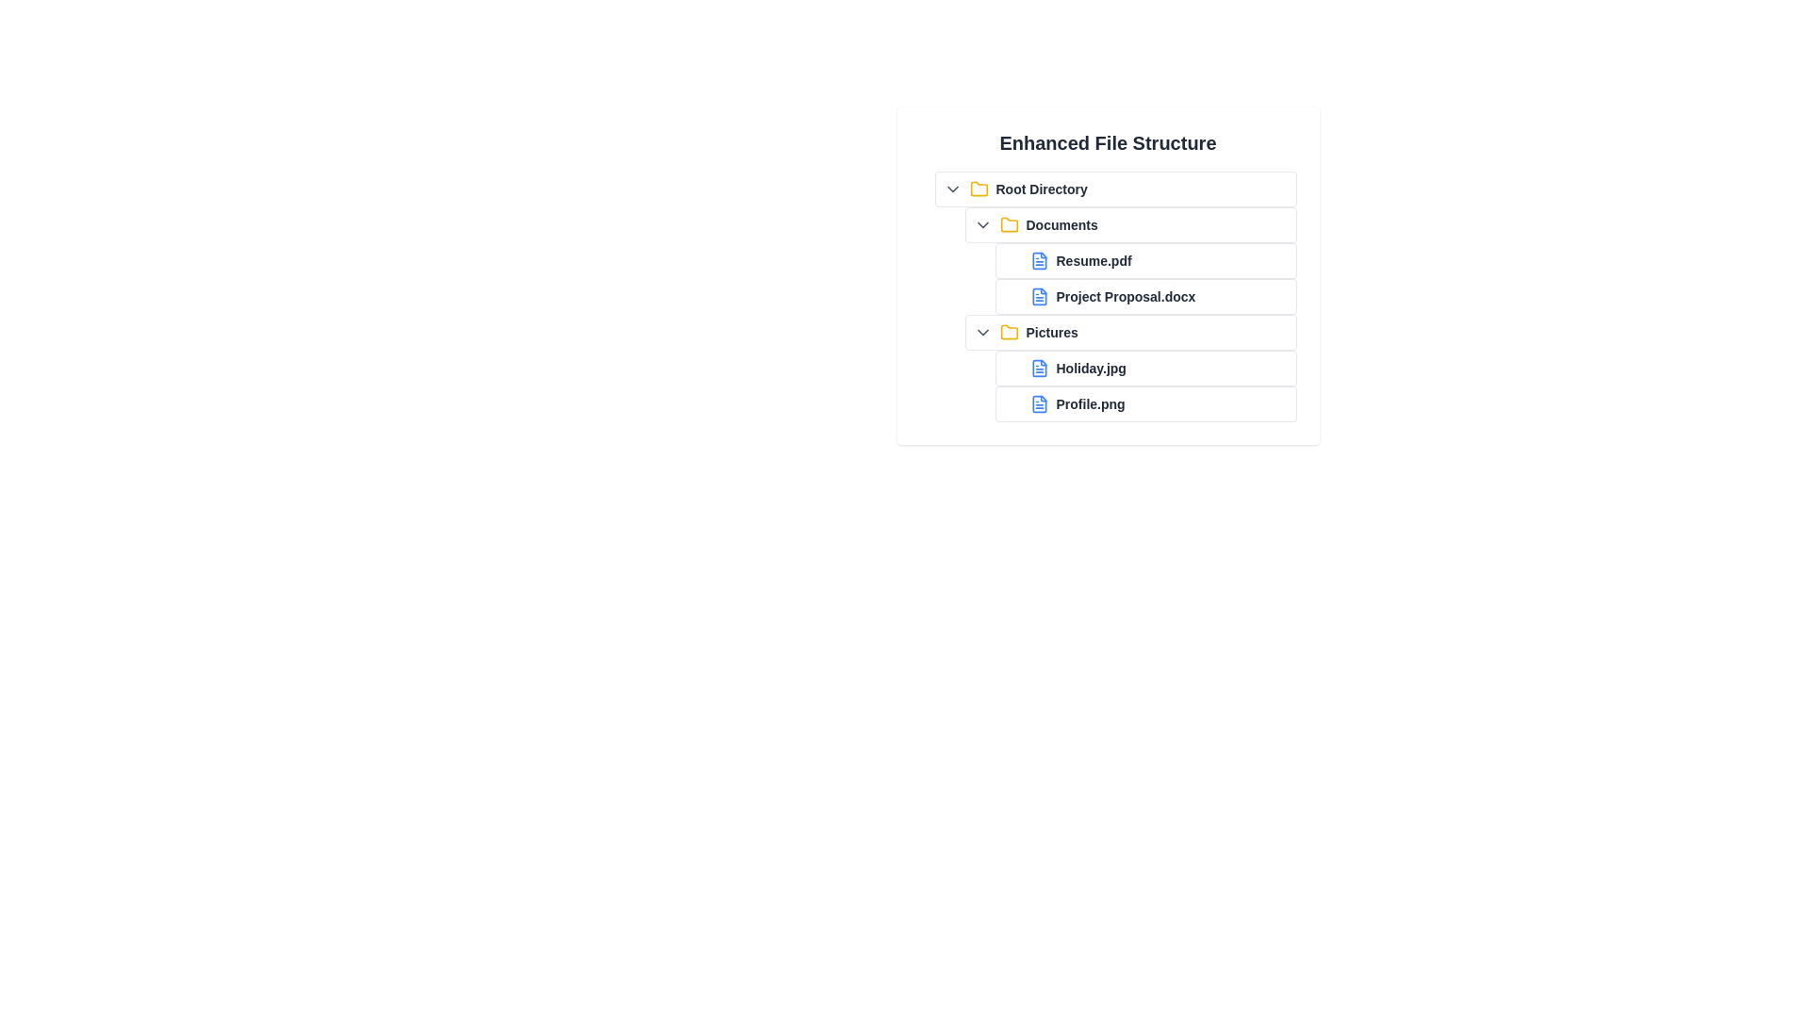 This screenshot has height=1018, width=1810. What do you see at coordinates (981, 224) in the screenshot?
I see `the Chevron Down icon in the Documents section of the file structure interface` at bounding box center [981, 224].